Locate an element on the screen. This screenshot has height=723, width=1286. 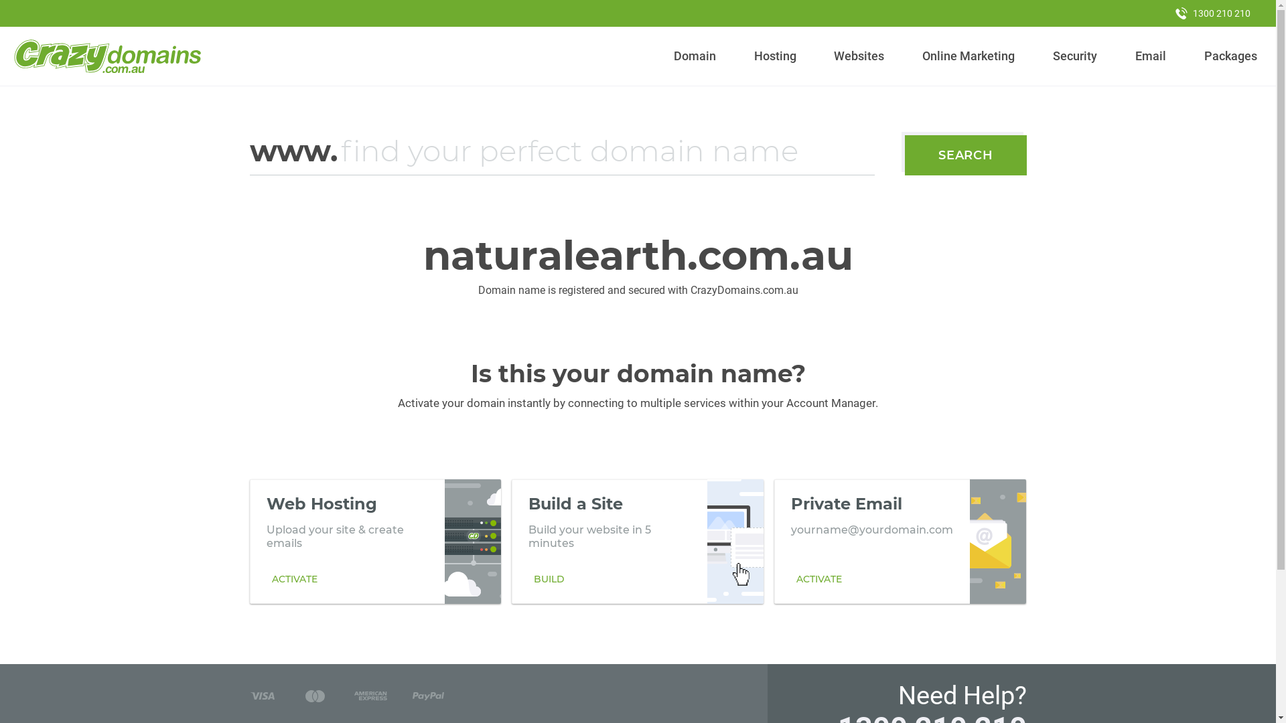
'Web Hosting is located at coordinates (375, 541).